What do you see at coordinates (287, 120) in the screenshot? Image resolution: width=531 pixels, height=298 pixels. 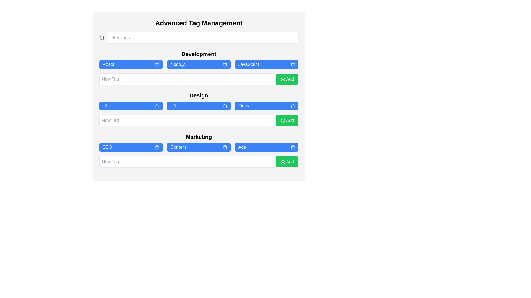 I see `the 'Add Tag' button located on the right-hand side of the 'New Tag' text input field in the 'Design' section` at bounding box center [287, 120].